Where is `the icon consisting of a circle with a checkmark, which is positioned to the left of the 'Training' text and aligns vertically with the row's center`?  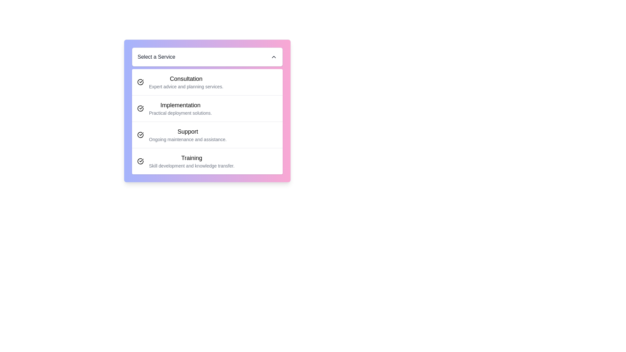
the icon consisting of a circle with a checkmark, which is positioned to the left of the 'Training' text and aligns vertically with the row's center is located at coordinates (140, 161).